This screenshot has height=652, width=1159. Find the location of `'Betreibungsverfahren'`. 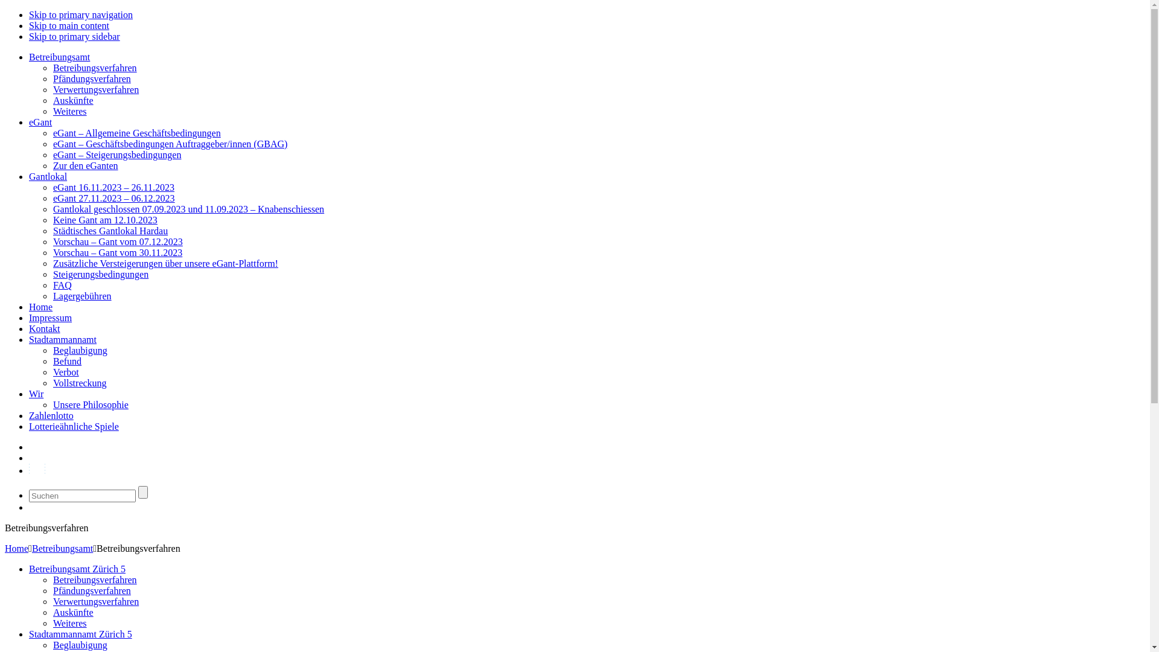

'Betreibungsverfahren' is located at coordinates (52, 68).